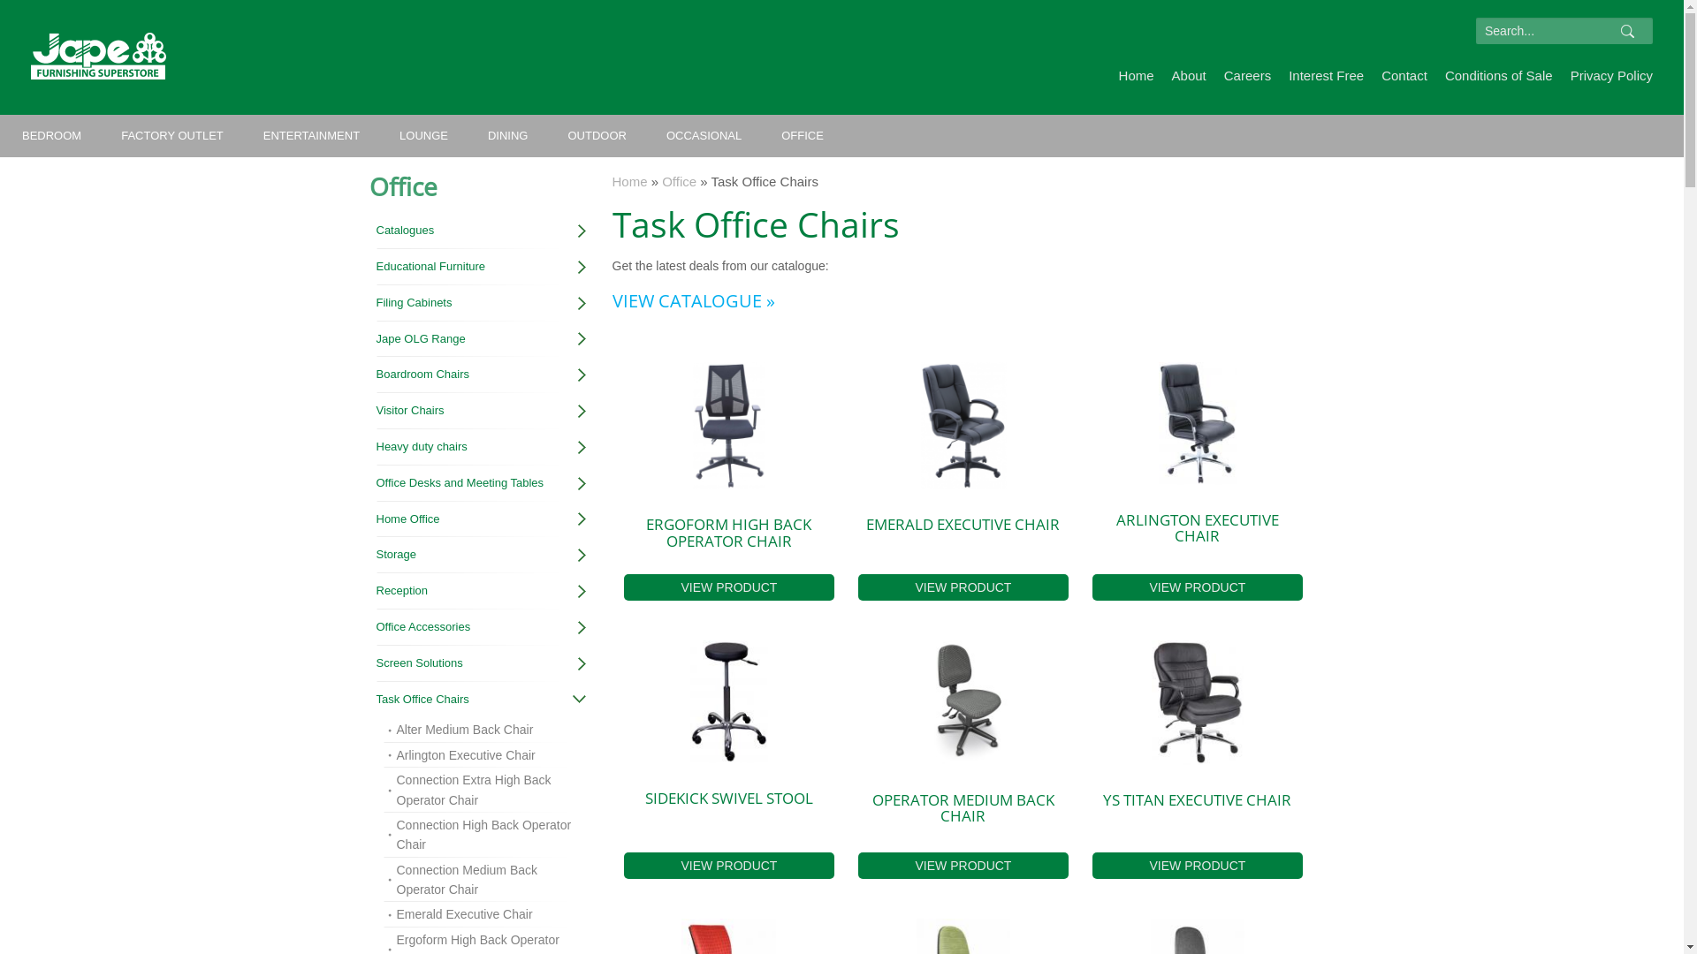 The height and width of the screenshot is (954, 1697). I want to click on 'Educational Furniture', so click(481, 267).